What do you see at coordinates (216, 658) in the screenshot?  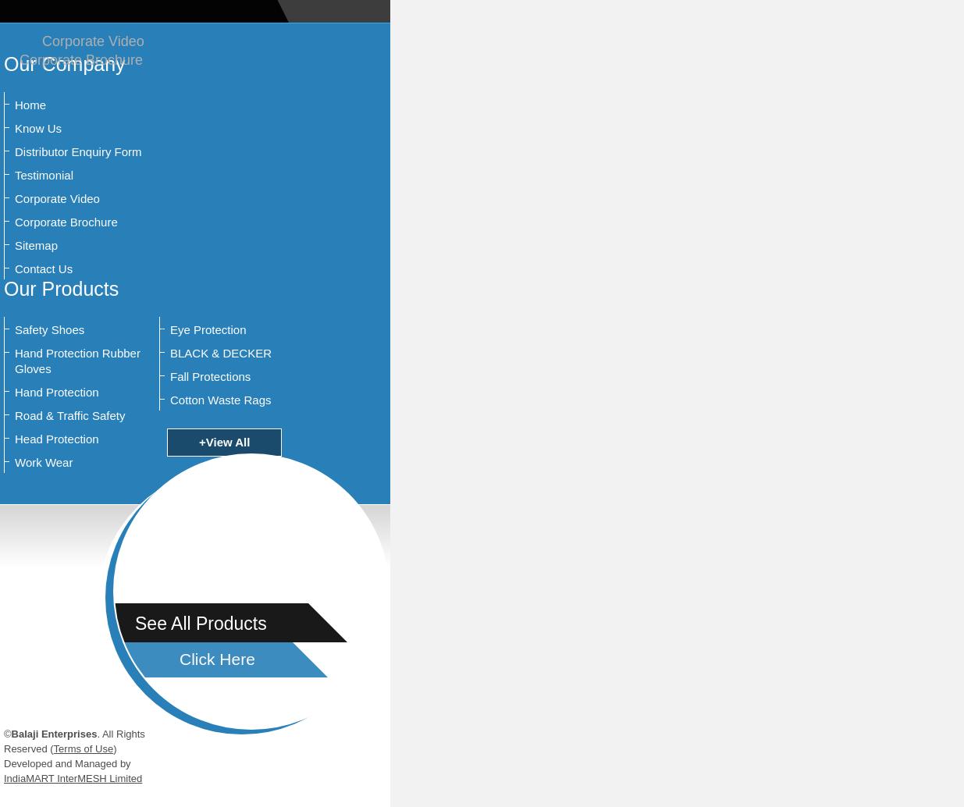 I see `'Click Here'` at bounding box center [216, 658].